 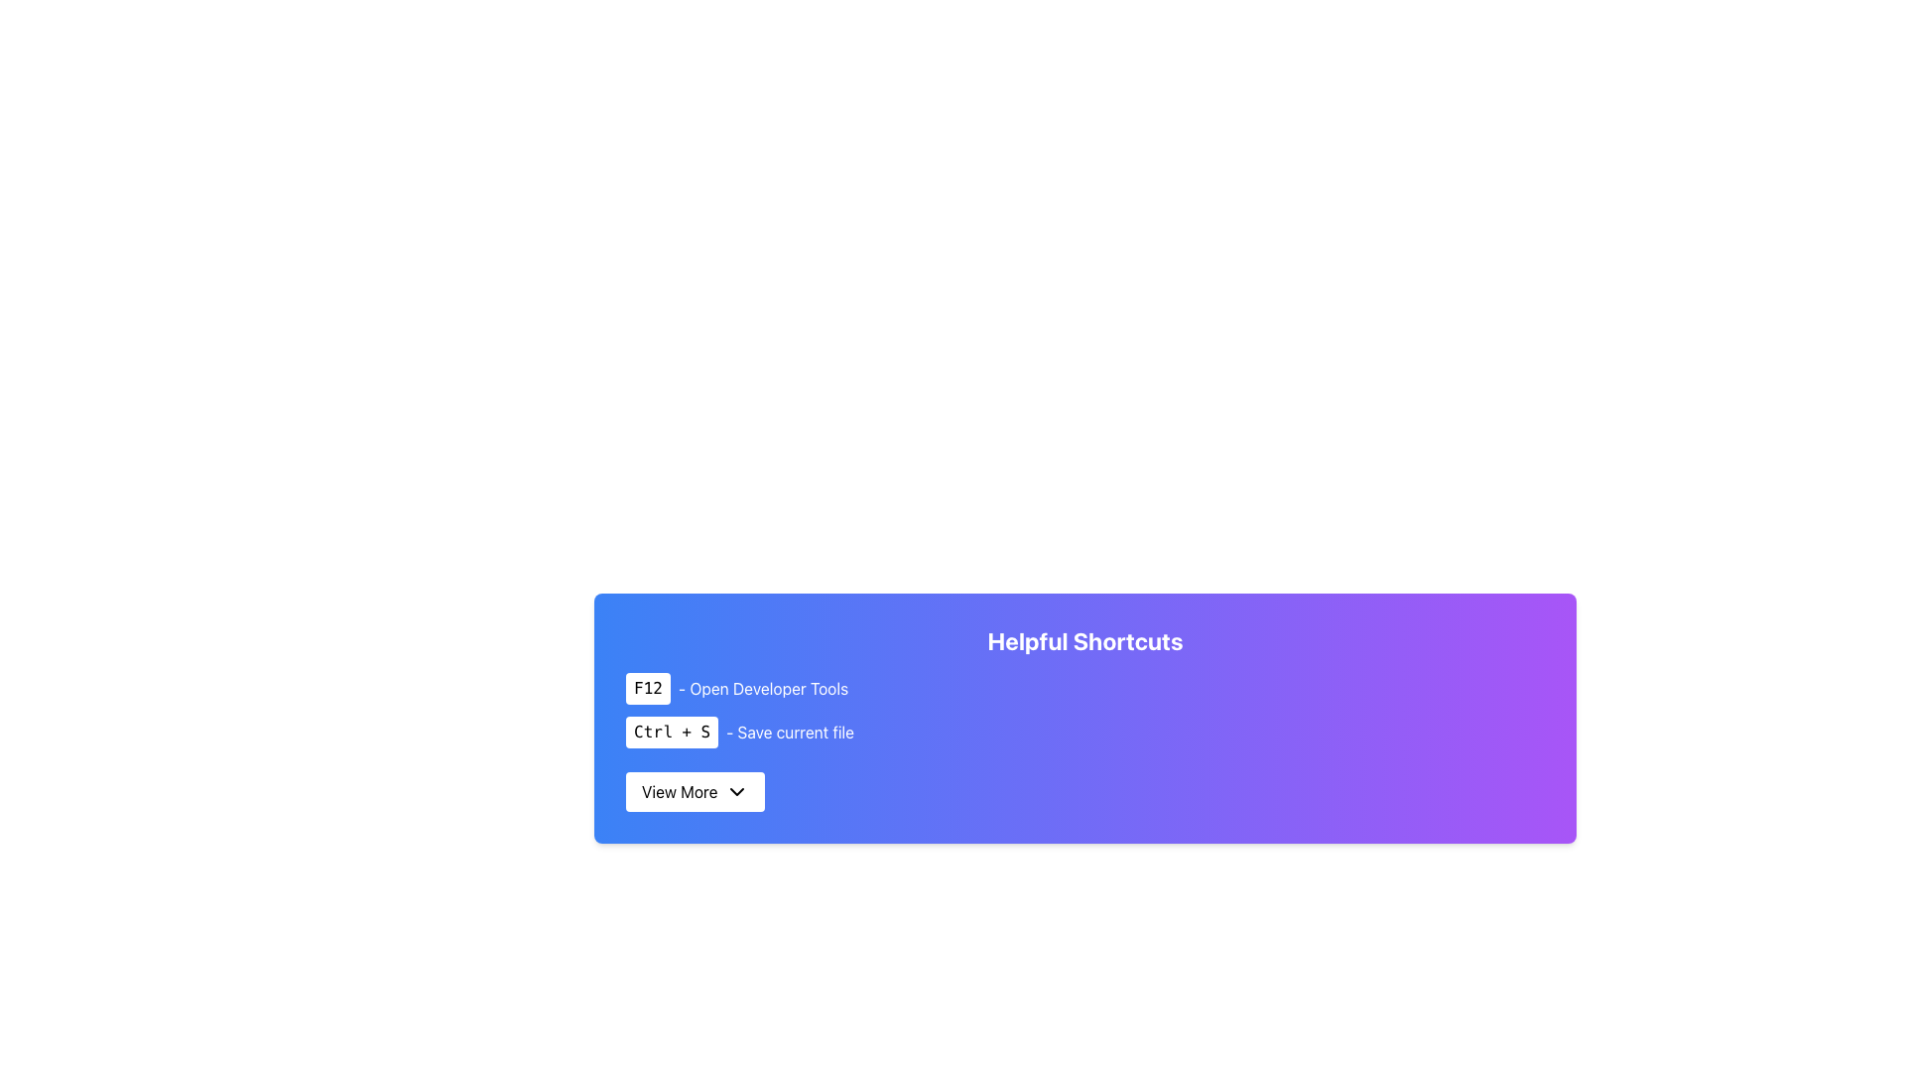 What do you see at coordinates (672, 732) in the screenshot?
I see `the text block styled as a badge indicating the keyboard shortcut 'Ctrl + S', which is positioned in the second row of shortcuts between 'F12 - Open Developer Tools' and 'View More'` at bounding box center [672, 732].